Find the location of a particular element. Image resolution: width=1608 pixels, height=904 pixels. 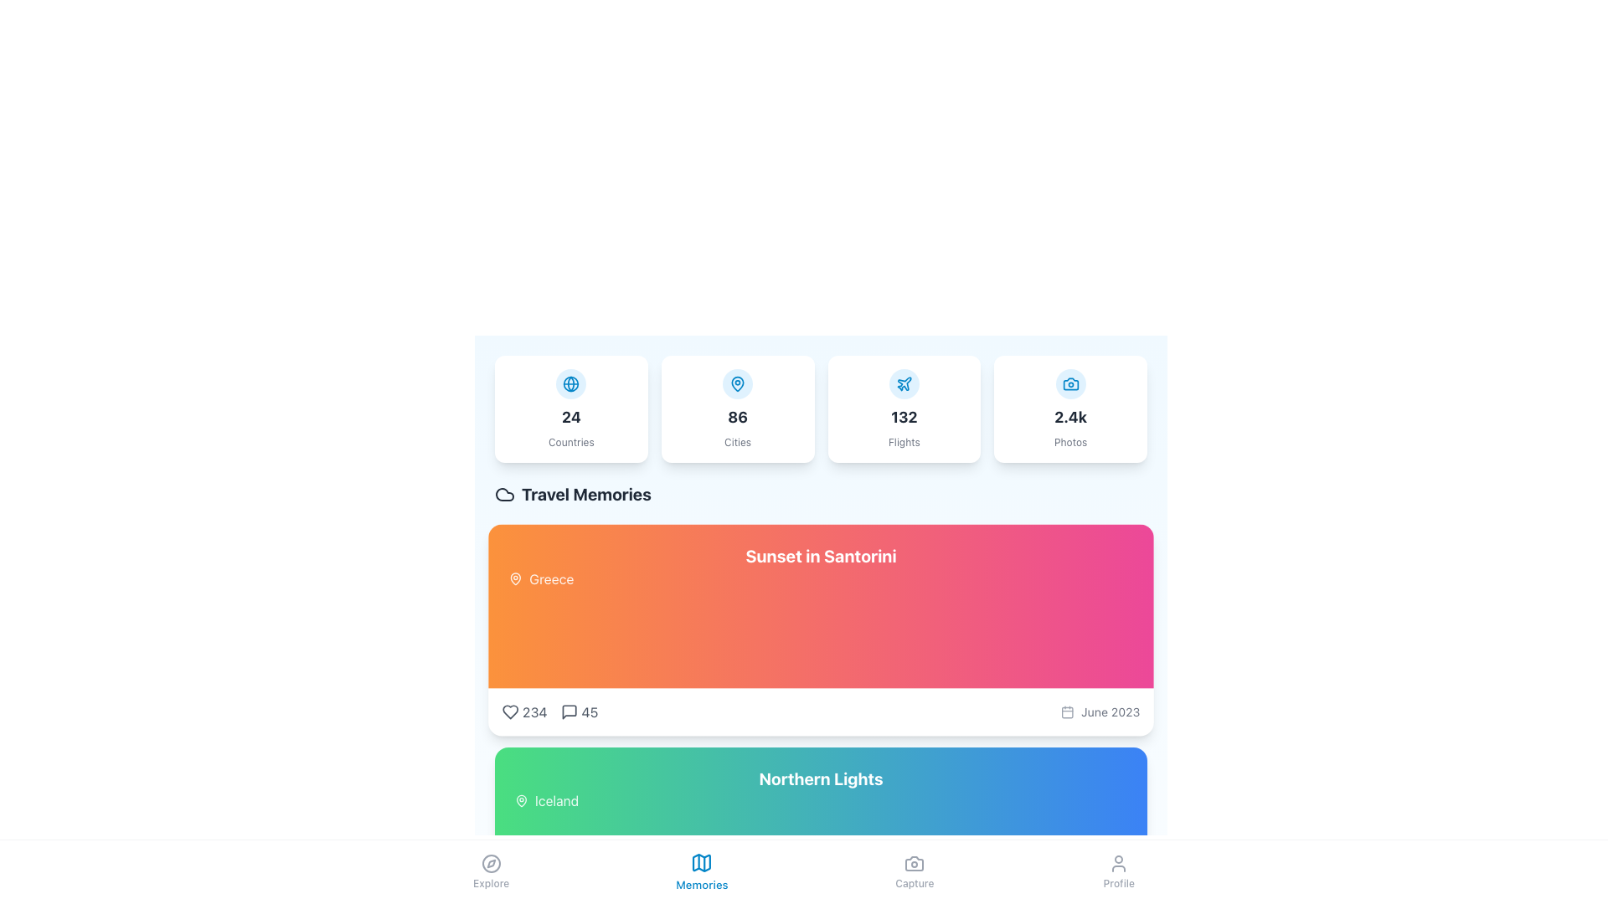

the navigation button with an icon and label that directs users to the 'Profile' section, located as the fourth item in the bottom navigation bar is located at coordinates (1119, 871).